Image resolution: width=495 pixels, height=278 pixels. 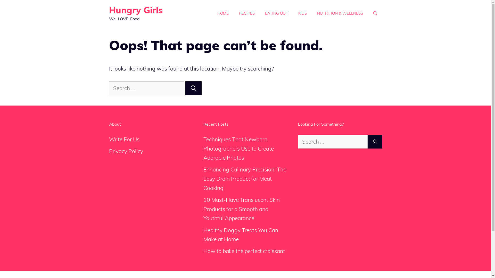 What do you see at coordinates (146, 88) in the screenshot?
I see `'Search for:'` at bounding box center [146, 88].